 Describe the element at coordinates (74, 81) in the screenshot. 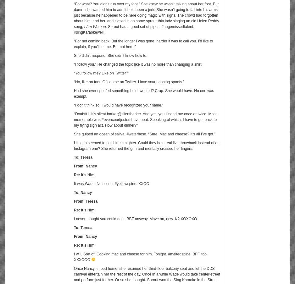

I see `'“No, like on foot. Of course on Twitter. I love your hashtag spoofs.”'` at that location.